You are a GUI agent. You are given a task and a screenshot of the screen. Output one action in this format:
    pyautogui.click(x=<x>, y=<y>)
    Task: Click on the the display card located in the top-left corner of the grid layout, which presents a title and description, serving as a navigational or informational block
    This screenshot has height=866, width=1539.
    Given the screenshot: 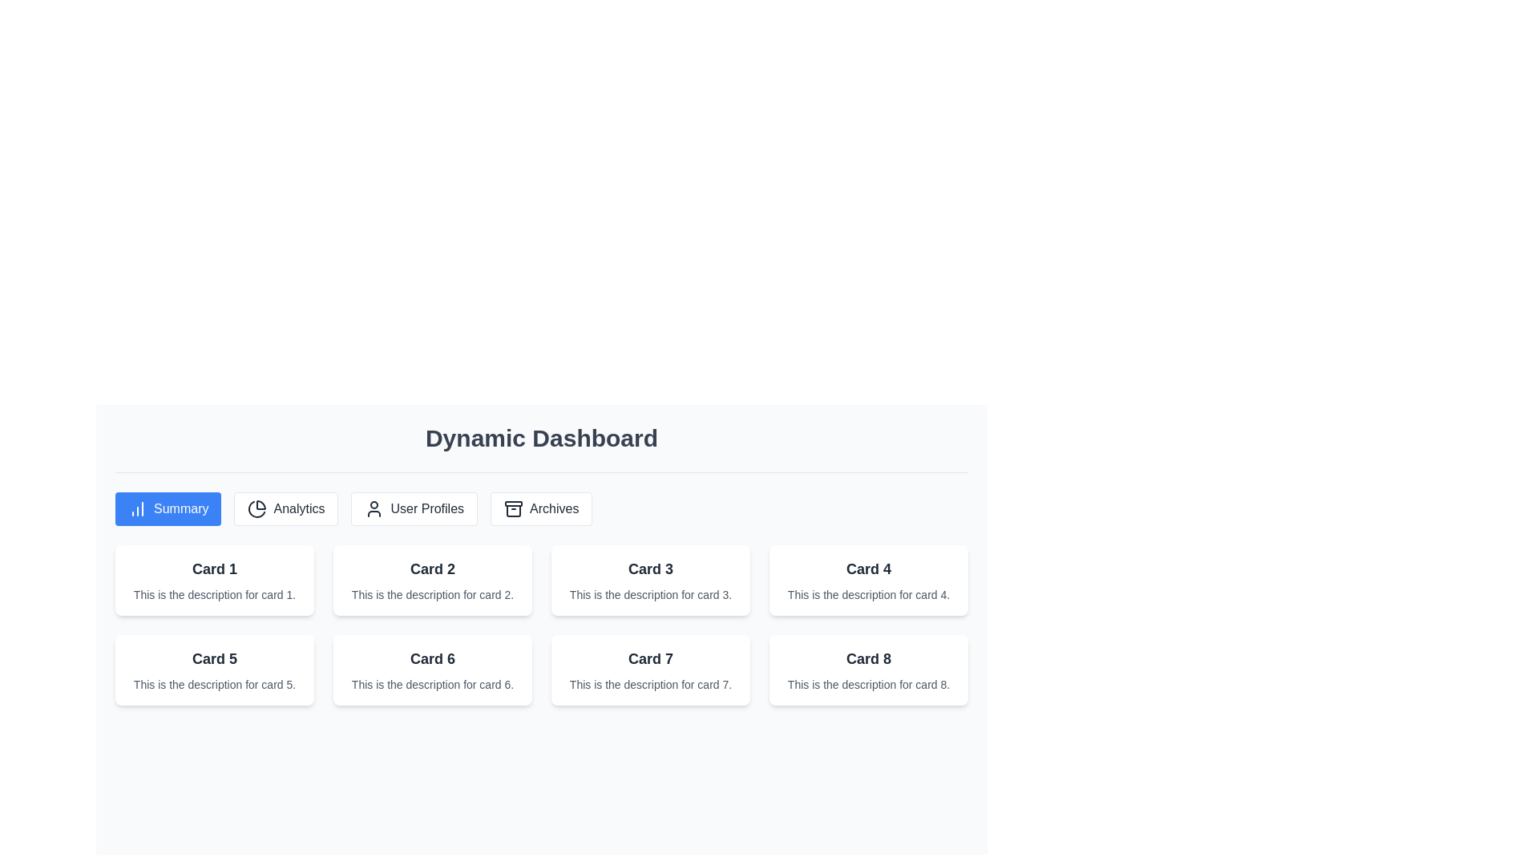 What is the action you would take?
    pyautogui.click(x=214, y=581)
    